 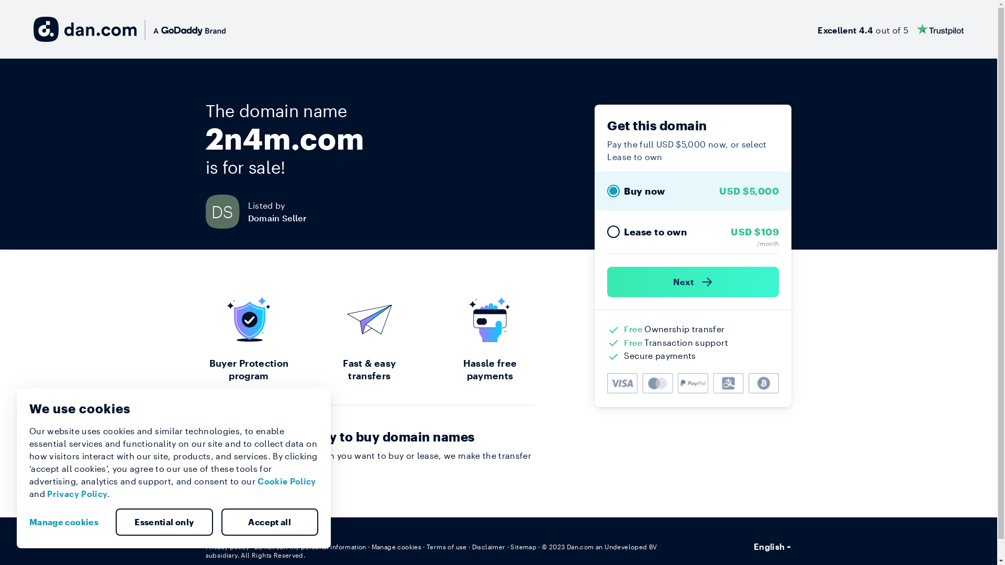 What do you see at coordinates (269, 522) in the screenshot?
I see `'Accept all'` at bounding box center [269, 522].